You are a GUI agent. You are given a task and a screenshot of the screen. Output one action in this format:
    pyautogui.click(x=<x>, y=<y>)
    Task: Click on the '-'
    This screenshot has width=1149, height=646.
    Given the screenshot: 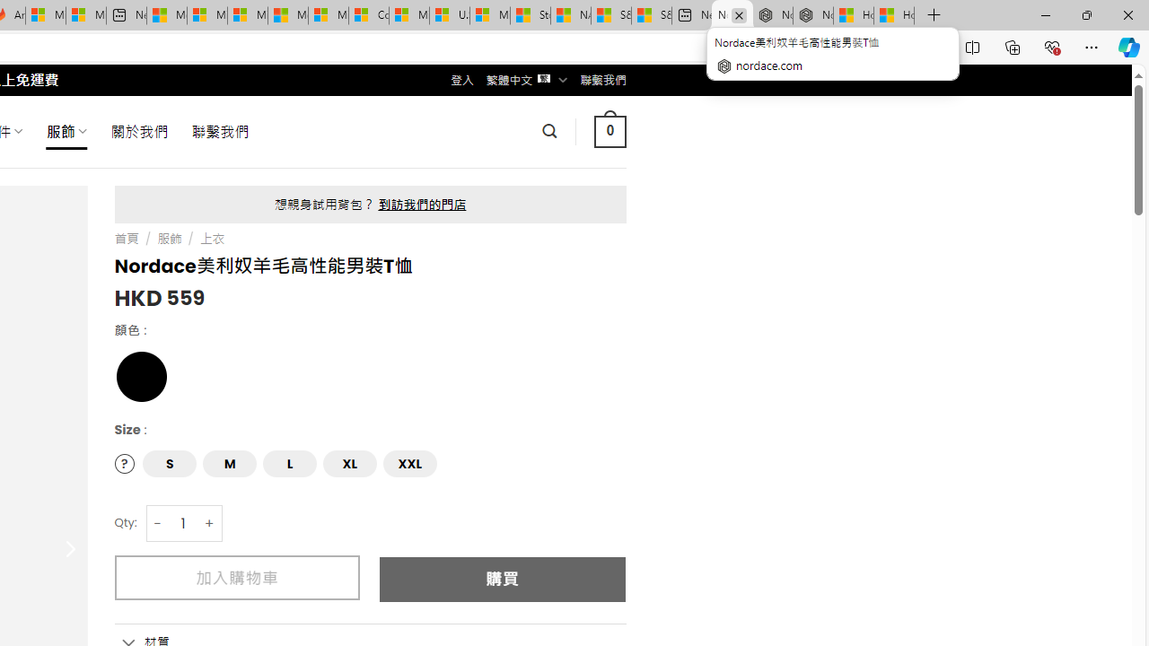 What is the action you would take?
    pyautogui.click(x=158, y=523)
    